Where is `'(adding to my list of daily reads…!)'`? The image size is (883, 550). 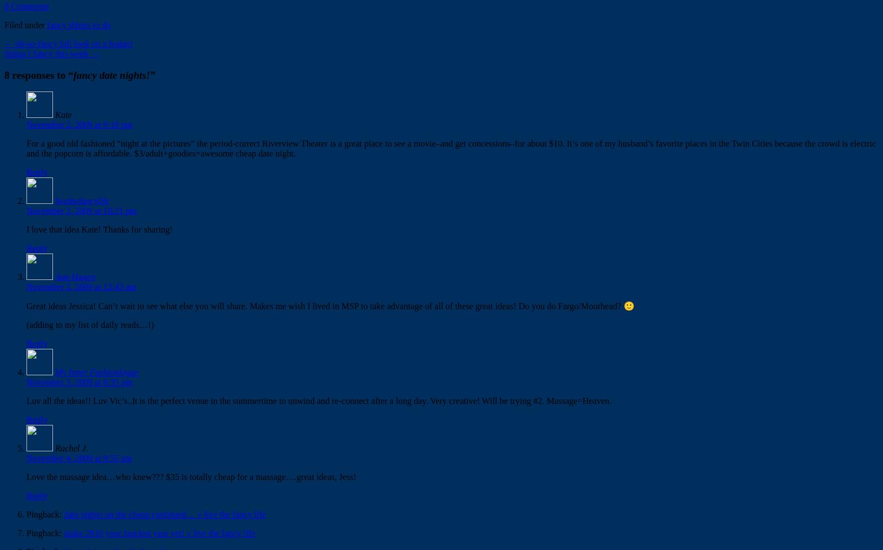 '(adding to my list of daily reads…!)' is located at coordinates (89, 324).